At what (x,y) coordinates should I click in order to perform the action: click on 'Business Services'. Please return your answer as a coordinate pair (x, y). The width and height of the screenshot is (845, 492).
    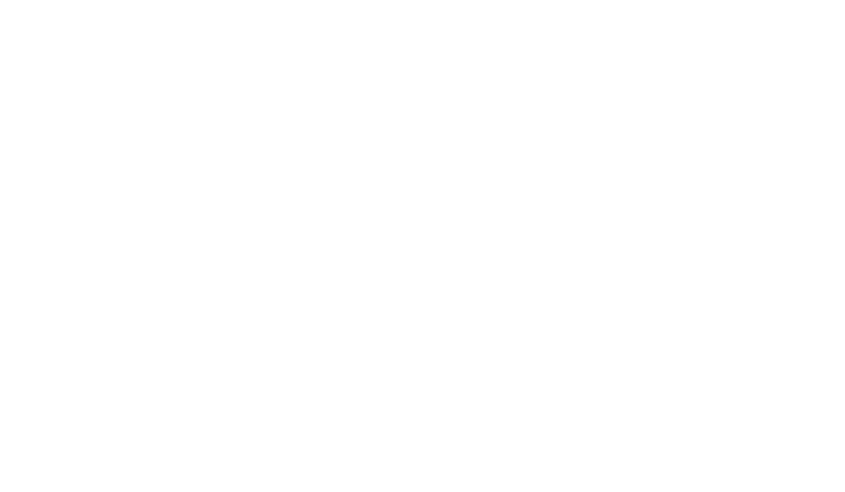
    Looking at the image, I should click on (294, 461).